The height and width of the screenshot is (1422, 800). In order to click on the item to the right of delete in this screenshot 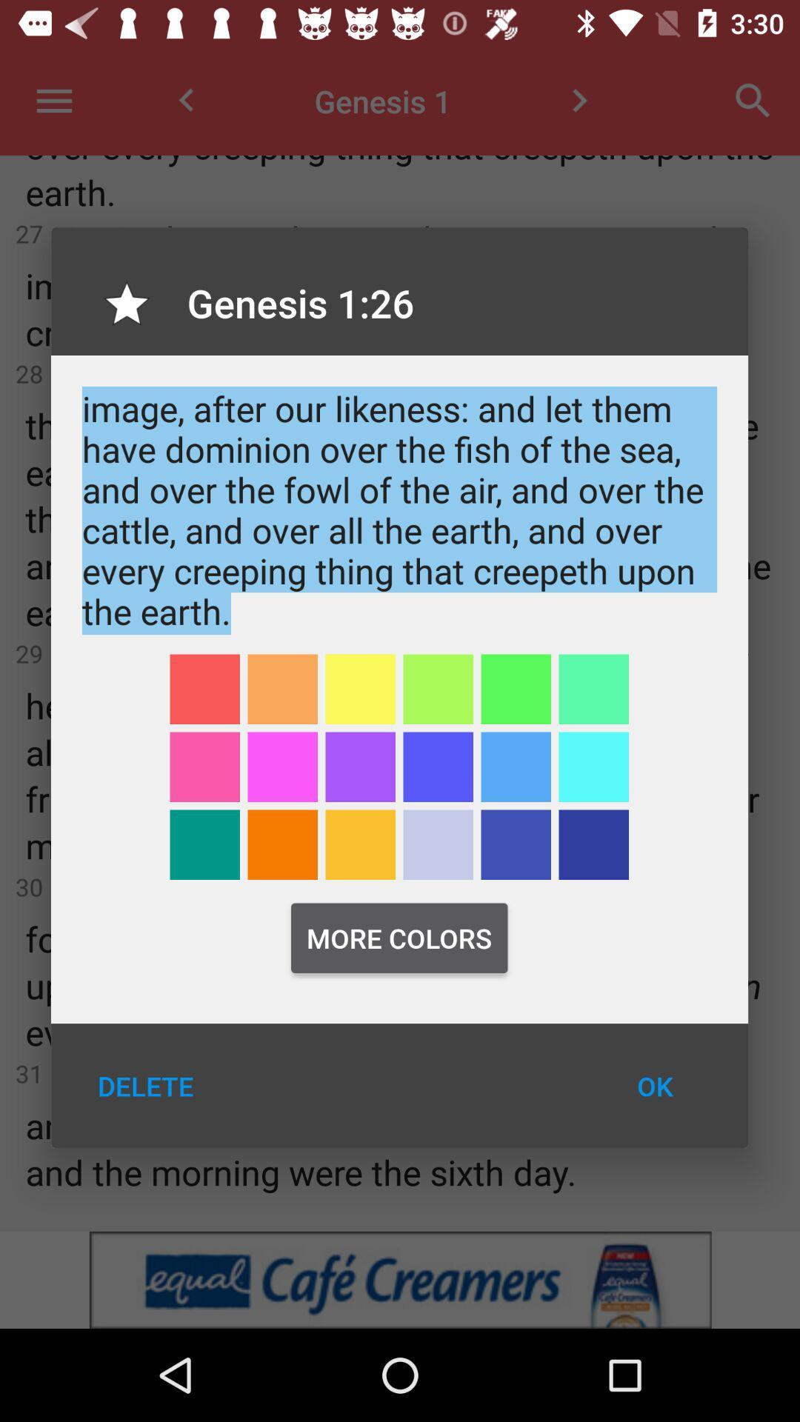, I will do `click(654, 1086)`.